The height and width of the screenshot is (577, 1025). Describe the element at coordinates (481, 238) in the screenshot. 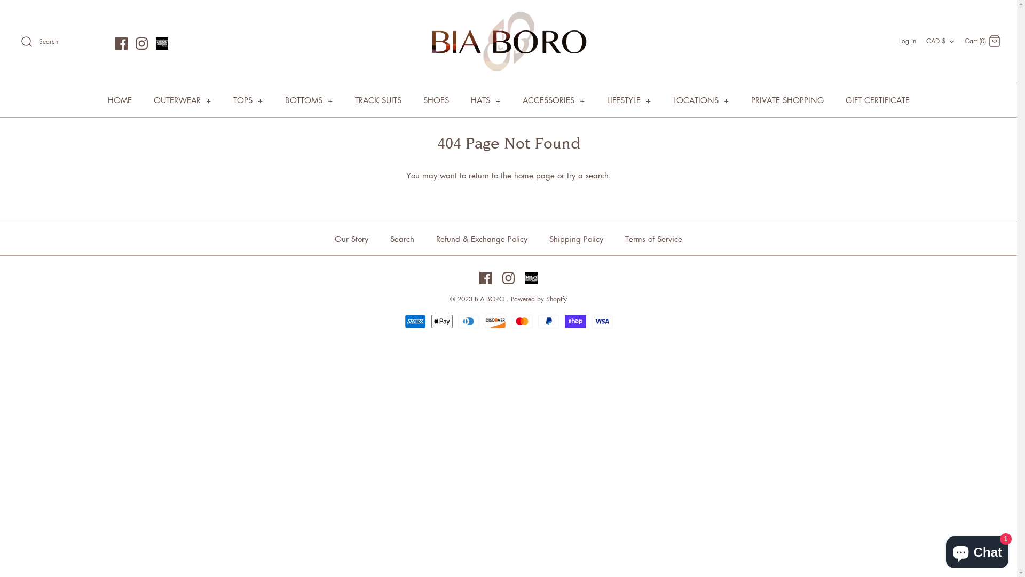

I see `'Refund & Exchange Policy'` at that location.